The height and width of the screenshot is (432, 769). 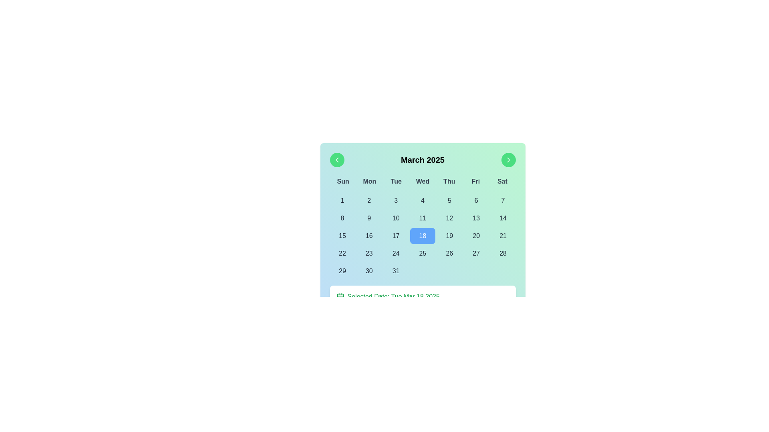 I want to click on the calendar date cell displaying '11' in black text, so click(x=422, y=218).